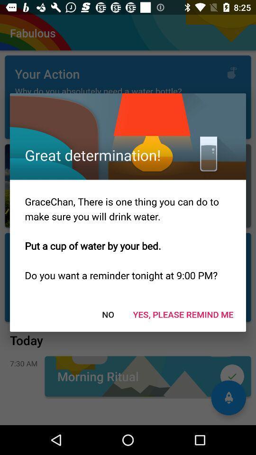 Image resolution: width=256 pixels, height=455 pixels. Describe the element at coordinates (183, 314) in the screenshot. I see `the icon at the bottom right corner` at that location.